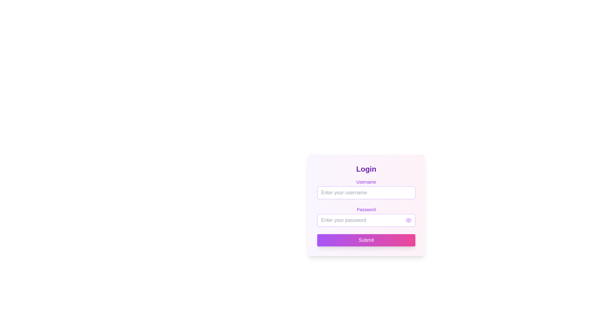  What do you see at coordinates (408, 220) in the screenshot?
I see `the Toggle visibility button located to the right of the password input field in the login form` at bounding box center [408, 220].